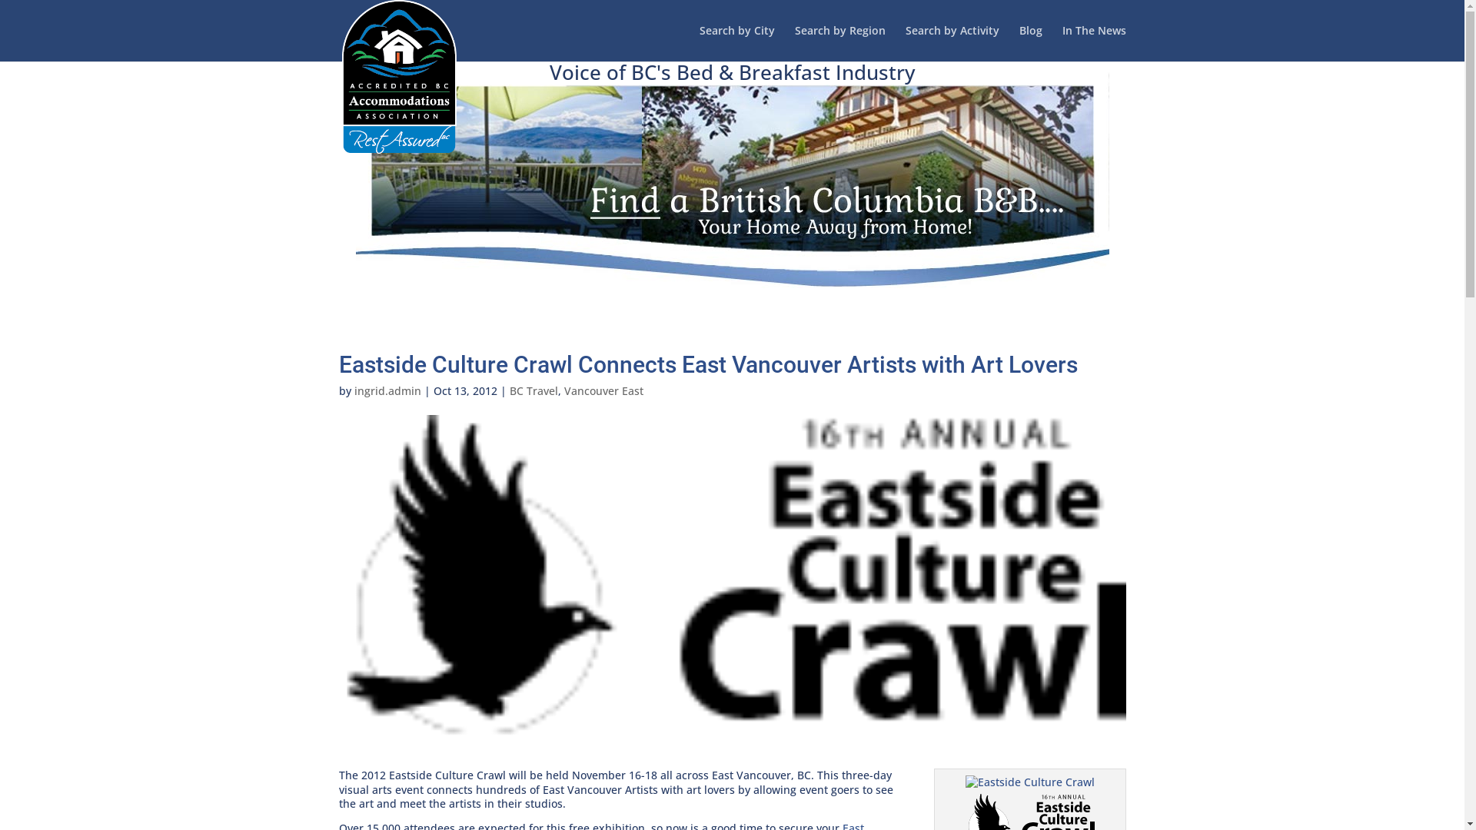 Image resolution: width=1476 pixels, height=830 pixels. What do you see at coordinates (1029, 782) in the screenshot?
I see `'Red Iron 03'` at bounding box center [1029, 782].